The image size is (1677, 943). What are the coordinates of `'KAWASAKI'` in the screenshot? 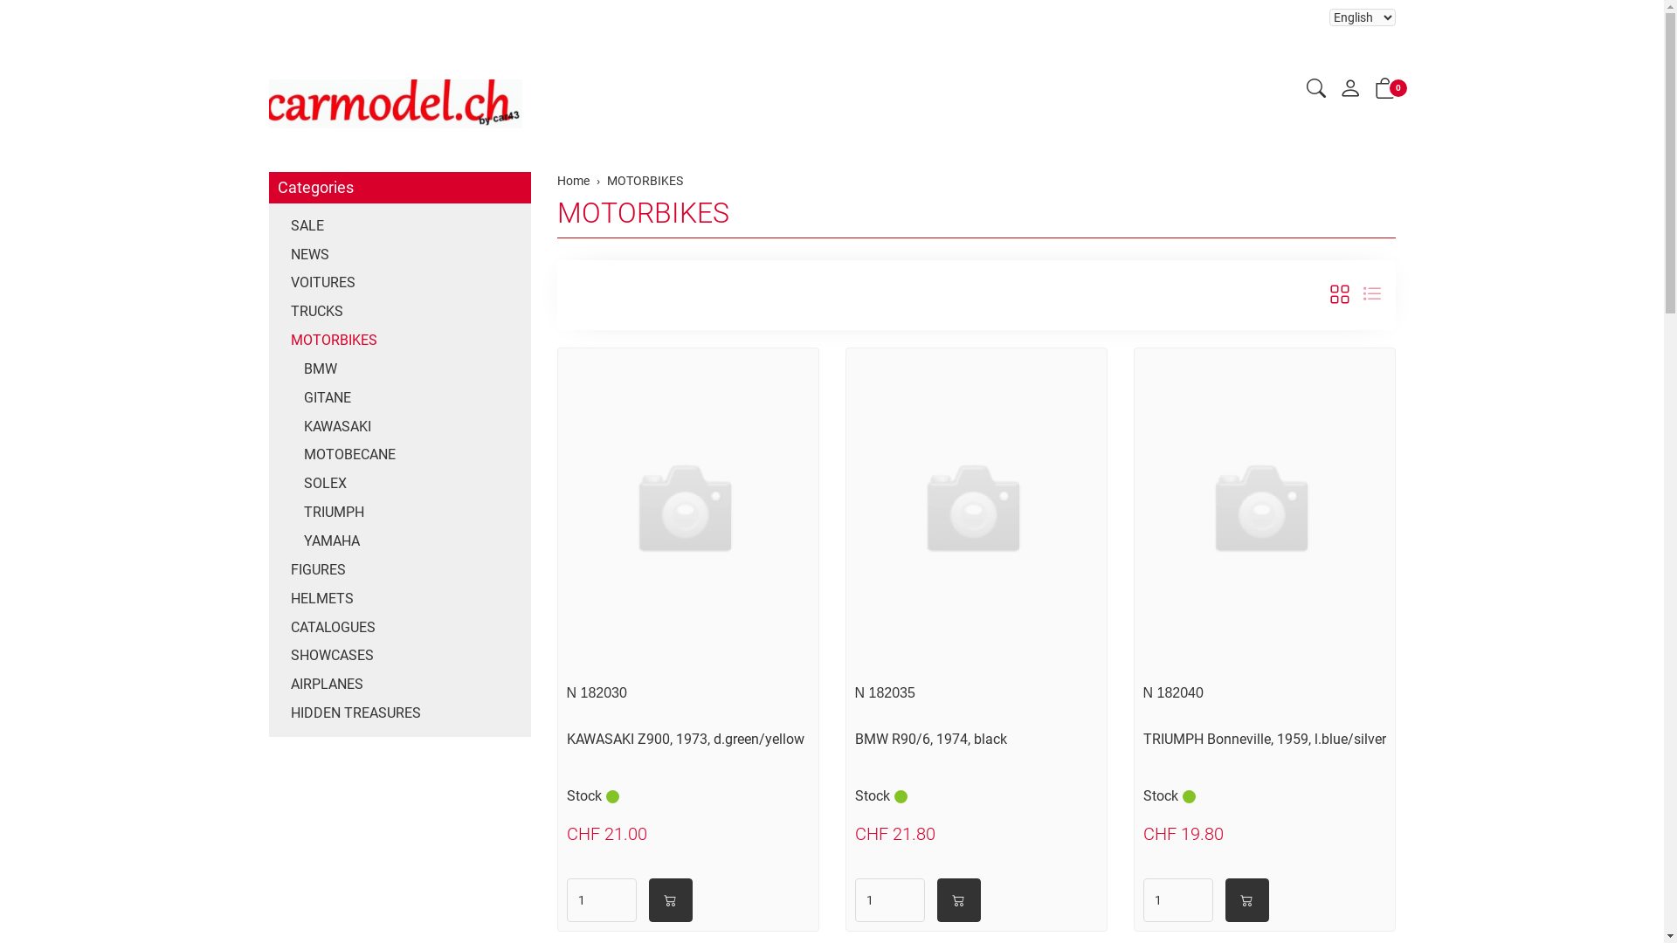 It's located at (398, 427).